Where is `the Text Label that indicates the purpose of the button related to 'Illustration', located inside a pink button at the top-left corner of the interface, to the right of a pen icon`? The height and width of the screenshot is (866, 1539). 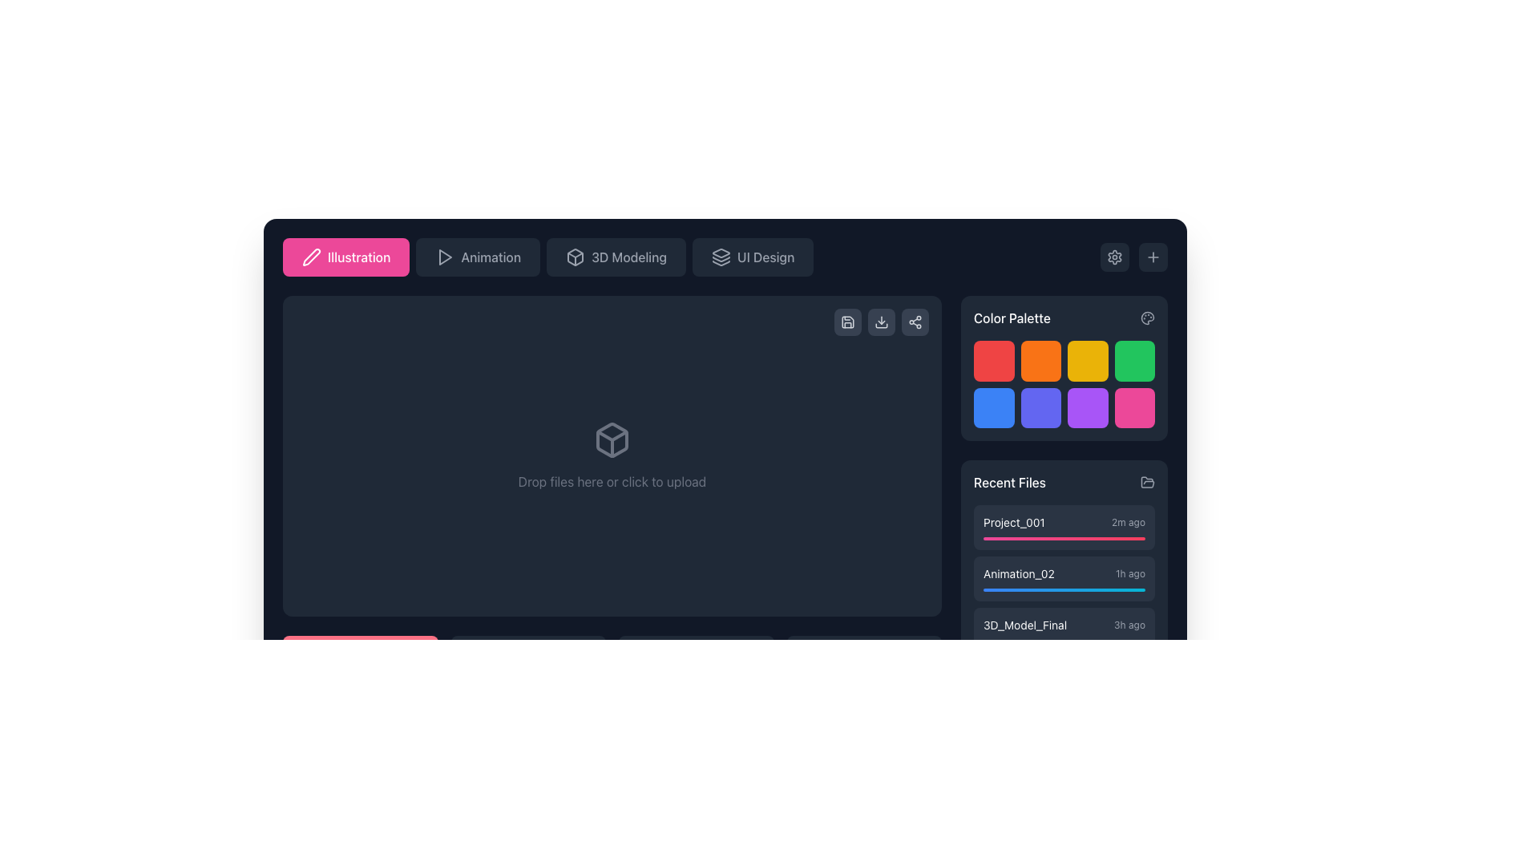
the Text Label that indicates the purpose of the button related to 'Illustration', located inside a pink button at the top-left corner of the interface, to the right of a pen icon is located at coordinates (358, 256).